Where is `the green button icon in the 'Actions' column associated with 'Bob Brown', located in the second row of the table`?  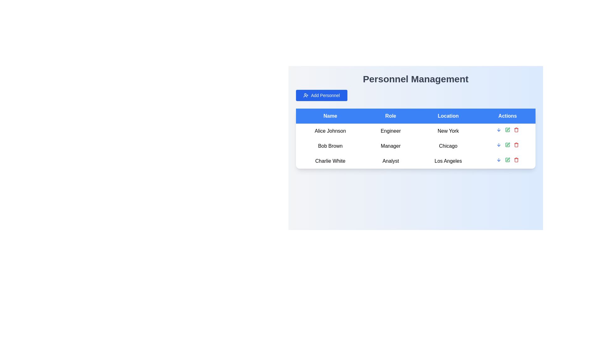 the green button icon in the 'Actions' column associated with 'Bob Brown', located in the second row of the table is located at coordinates (507, 145).